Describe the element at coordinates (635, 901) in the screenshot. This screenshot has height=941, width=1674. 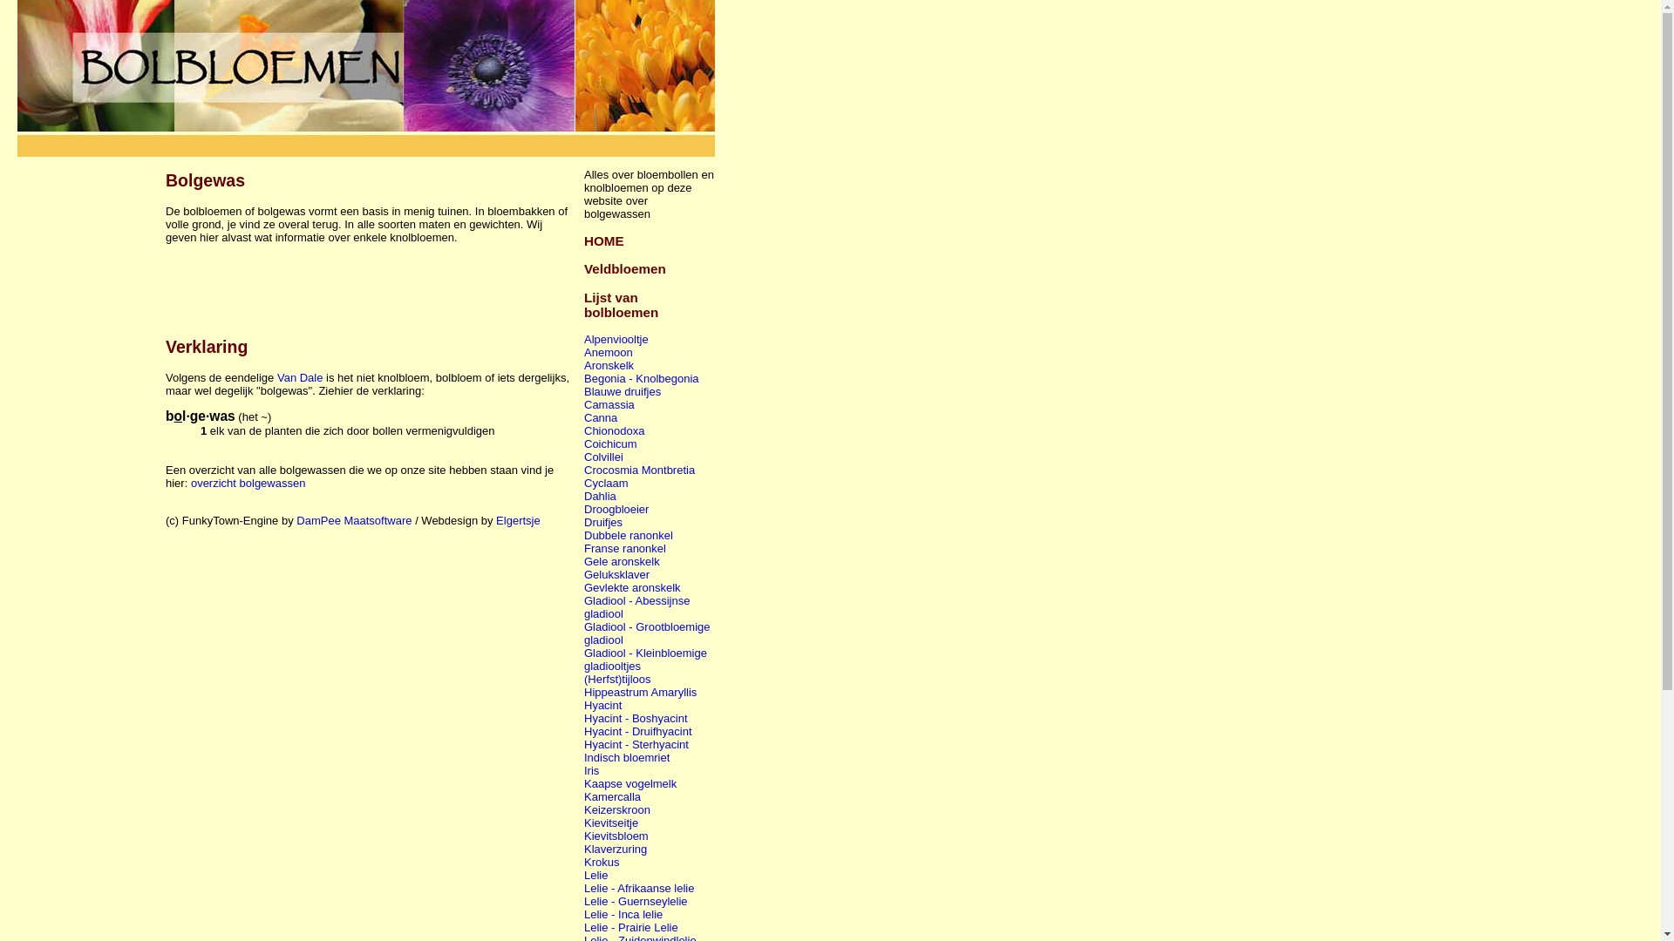
I see `'Lelie - Guernseylelie'` at that location.